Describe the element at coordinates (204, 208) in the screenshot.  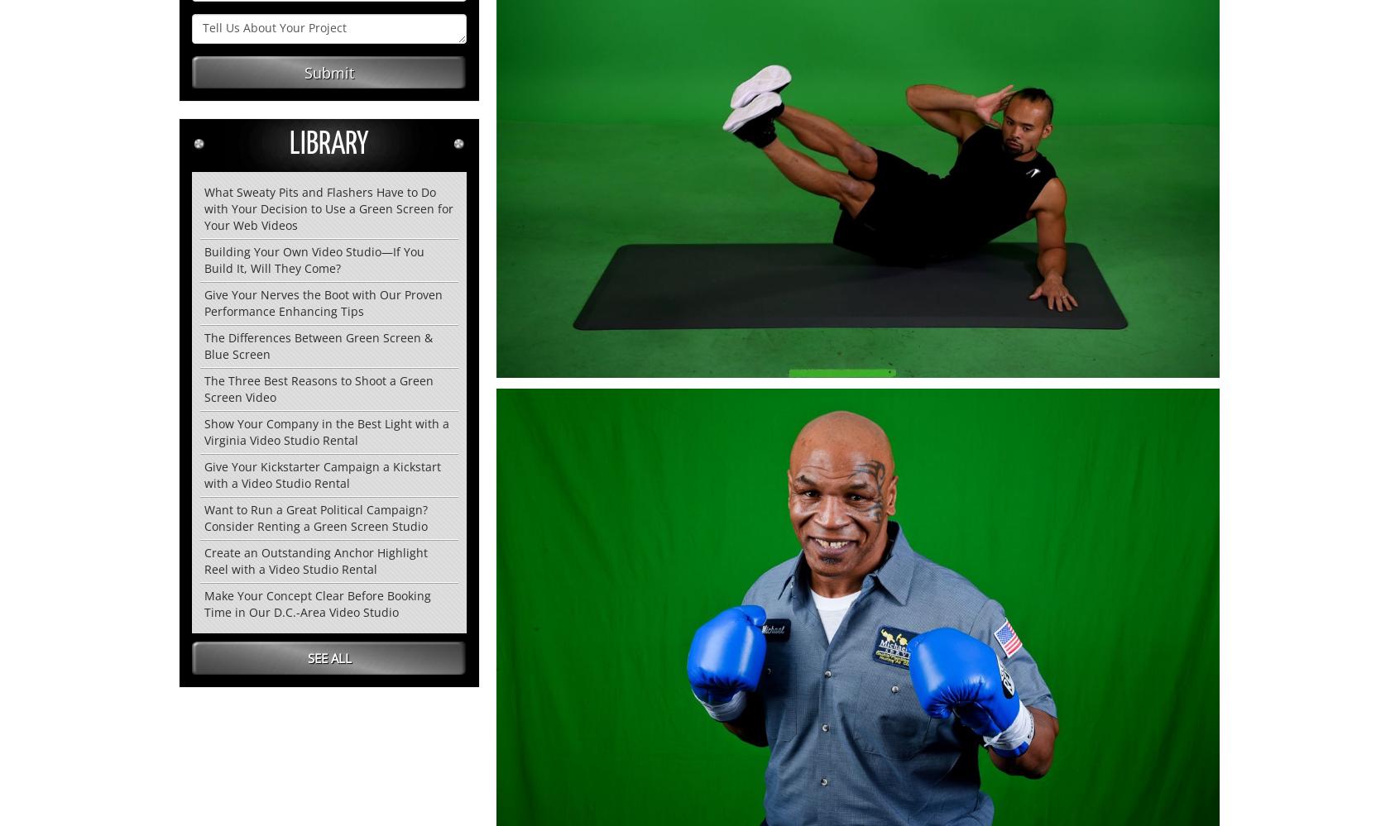
I see `'What Sweaty Pits and Flashers Have to Do with Your Decision to Use a Green Screen for Your Web Videos'` at that location.